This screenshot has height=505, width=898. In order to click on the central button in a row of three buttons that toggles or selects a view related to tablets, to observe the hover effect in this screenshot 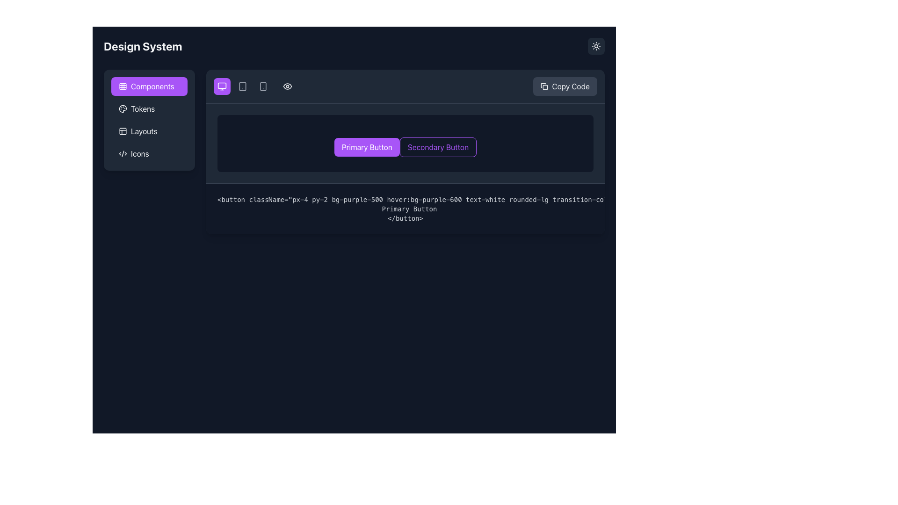, I will do `click(242, 87)`.